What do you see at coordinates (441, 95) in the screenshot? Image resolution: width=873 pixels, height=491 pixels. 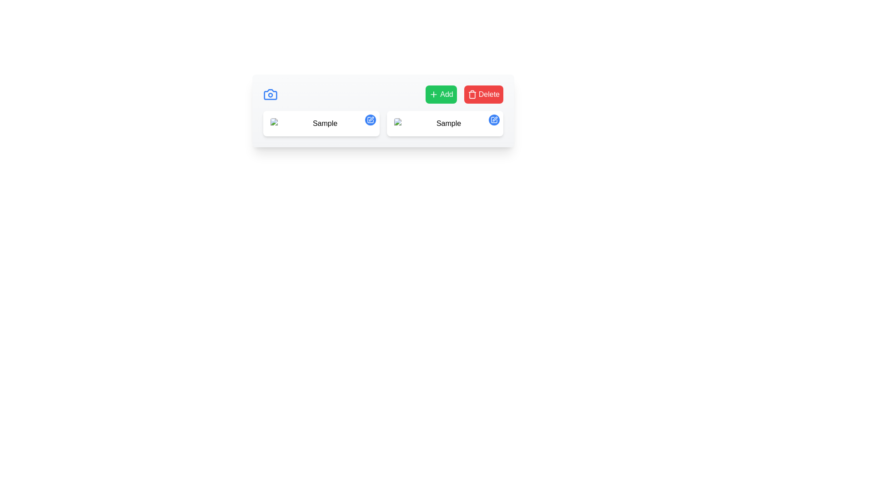 I see `the 'Add' button, which is a rectangular button with rounded corners, a green background, and white text reading 'Add'` at bounding box center [441, 95].